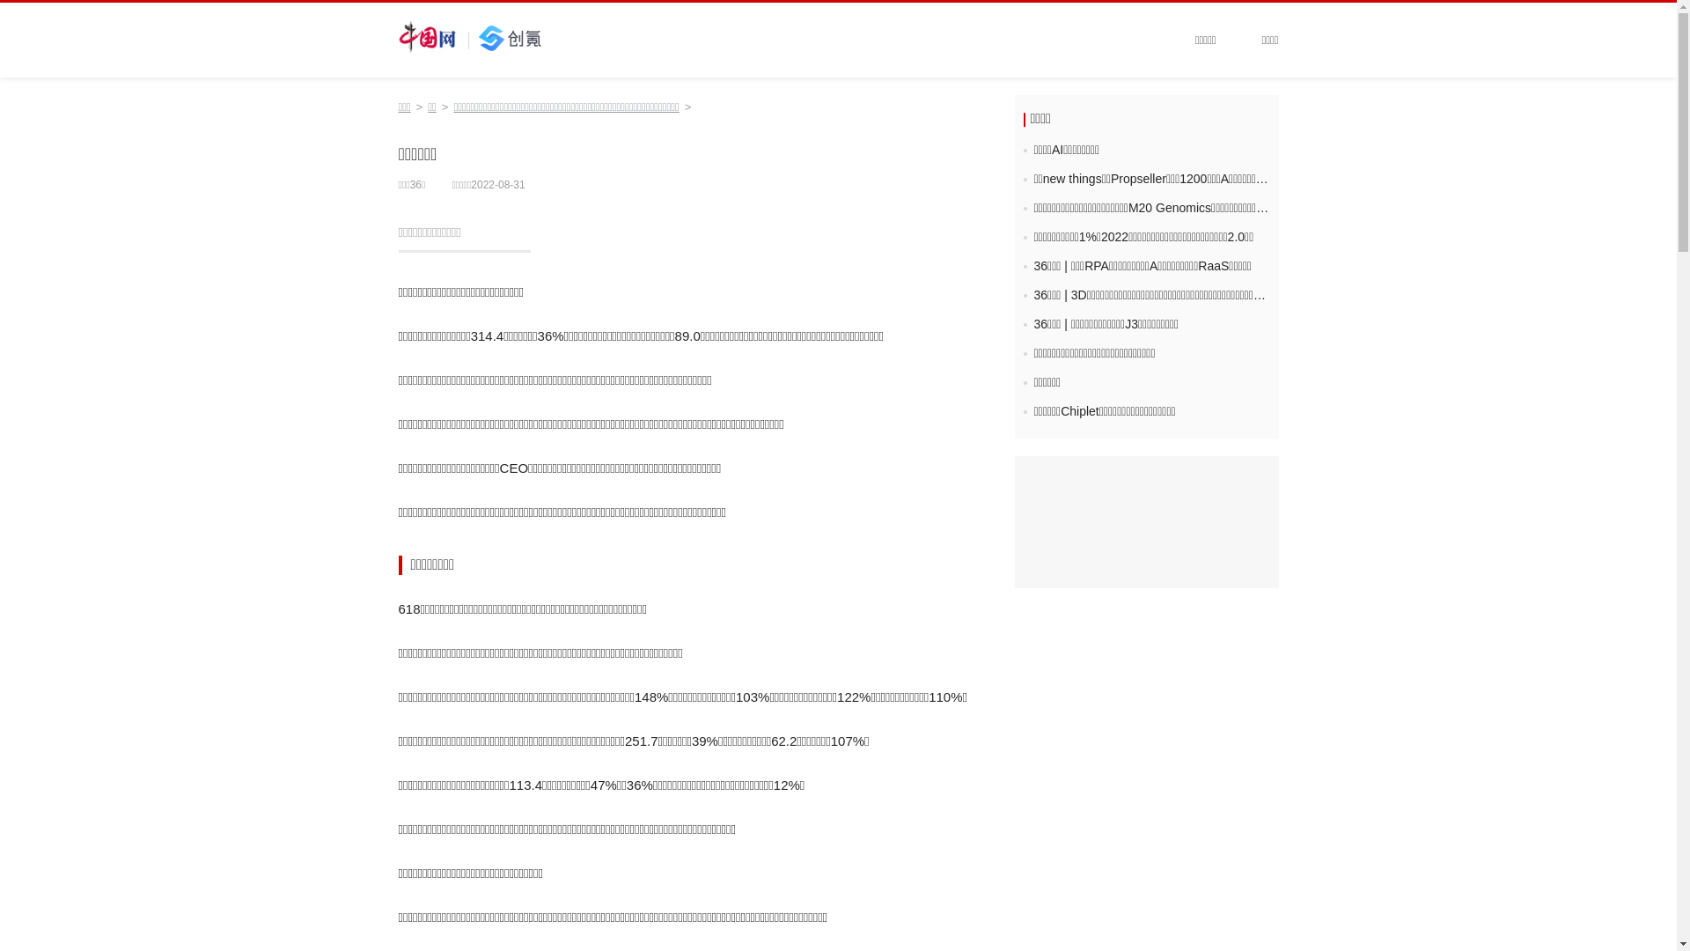 This screenshot has height=951, width=1690. I want to click on '>', so click(683, 107).